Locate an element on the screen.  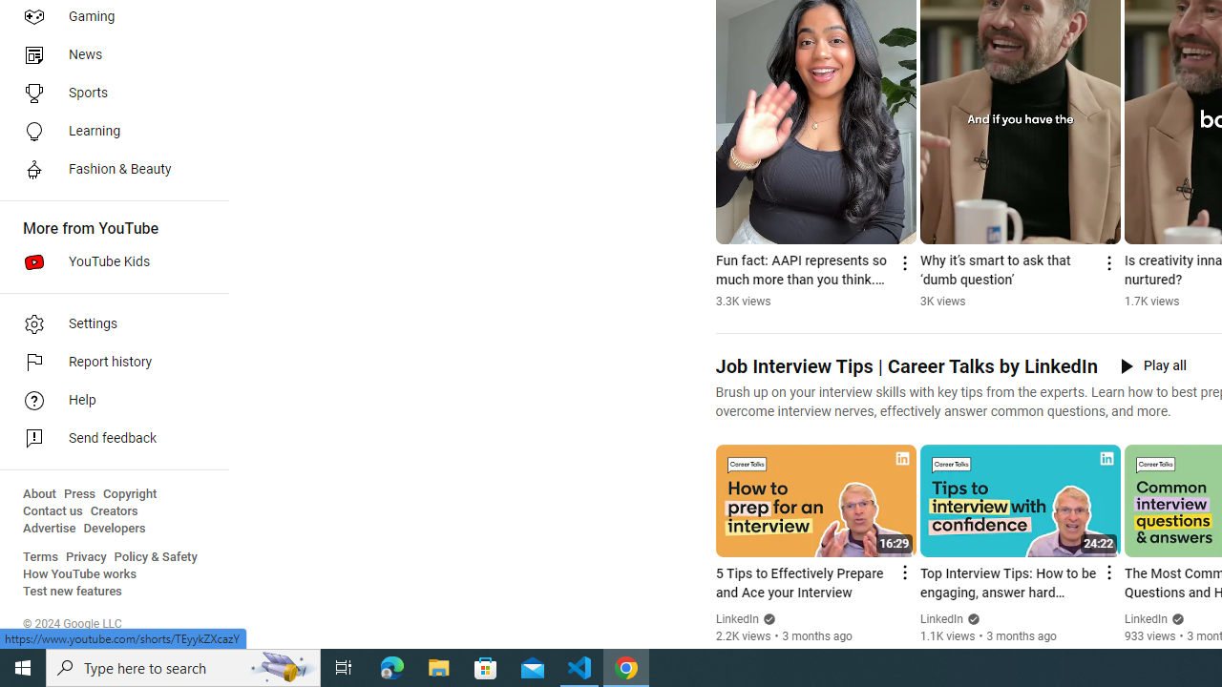
'Creators' is located at coordinates (113, 510).